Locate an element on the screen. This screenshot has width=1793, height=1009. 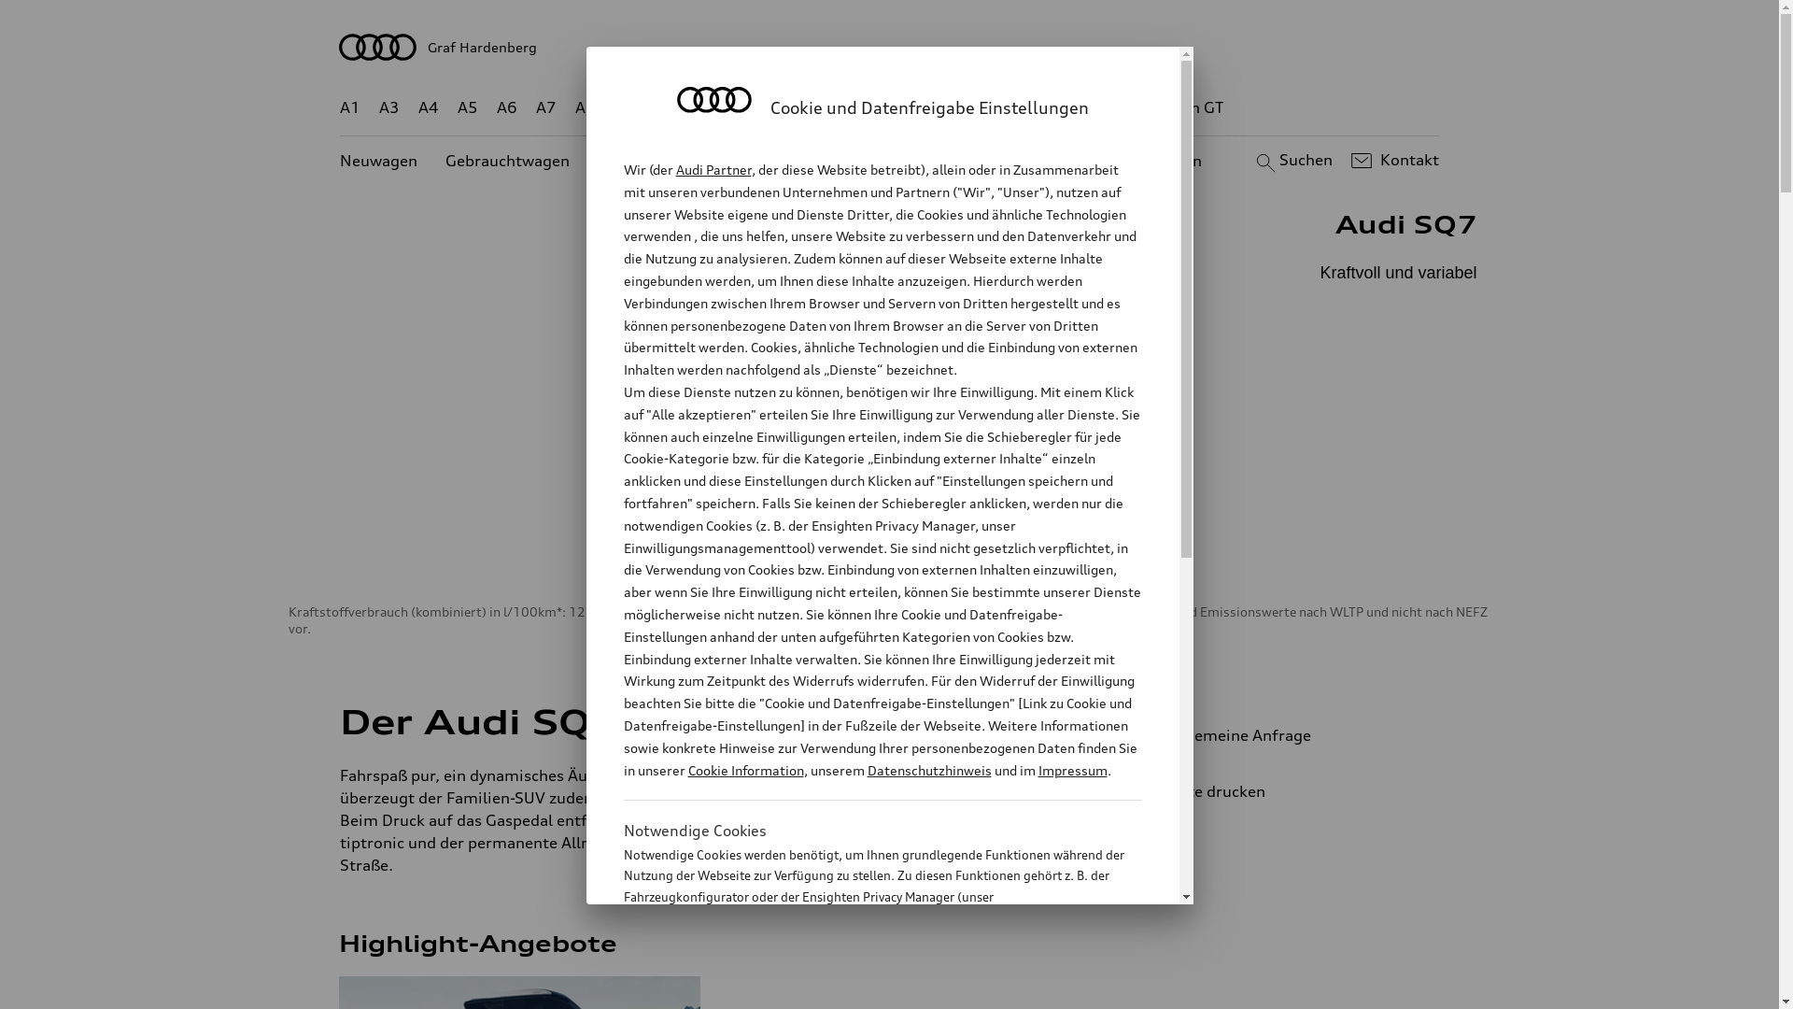
'Neuwagen' is located at coordinates (377, 160).